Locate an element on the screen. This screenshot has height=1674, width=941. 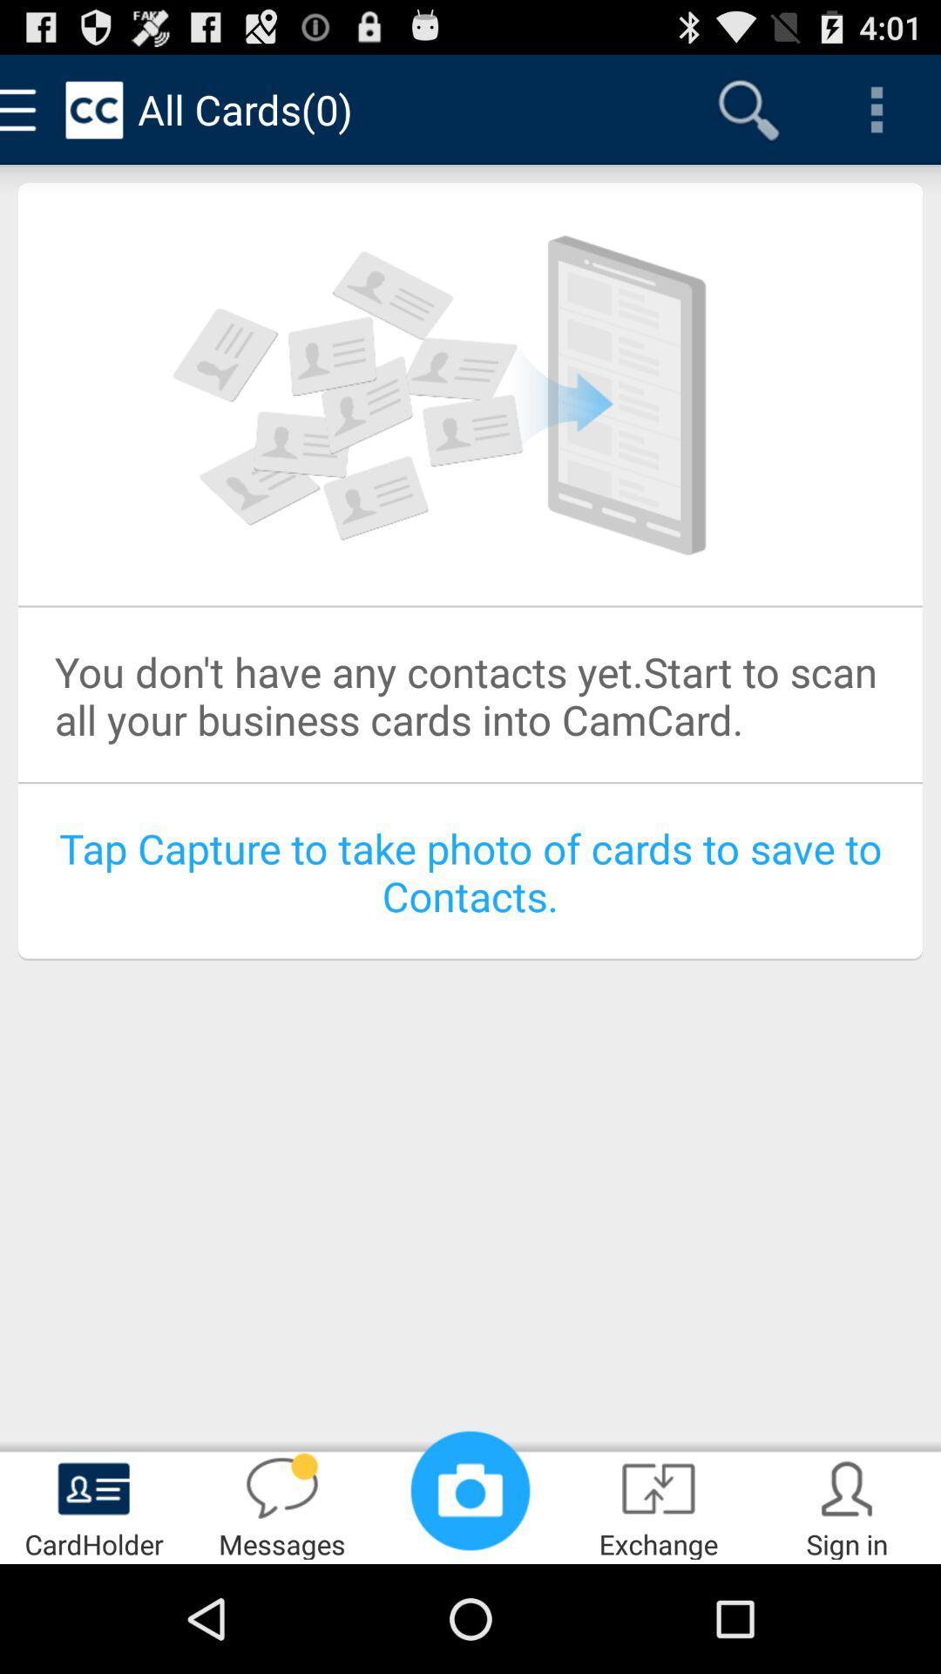
cardholder is located at coordinates (94, 1505).